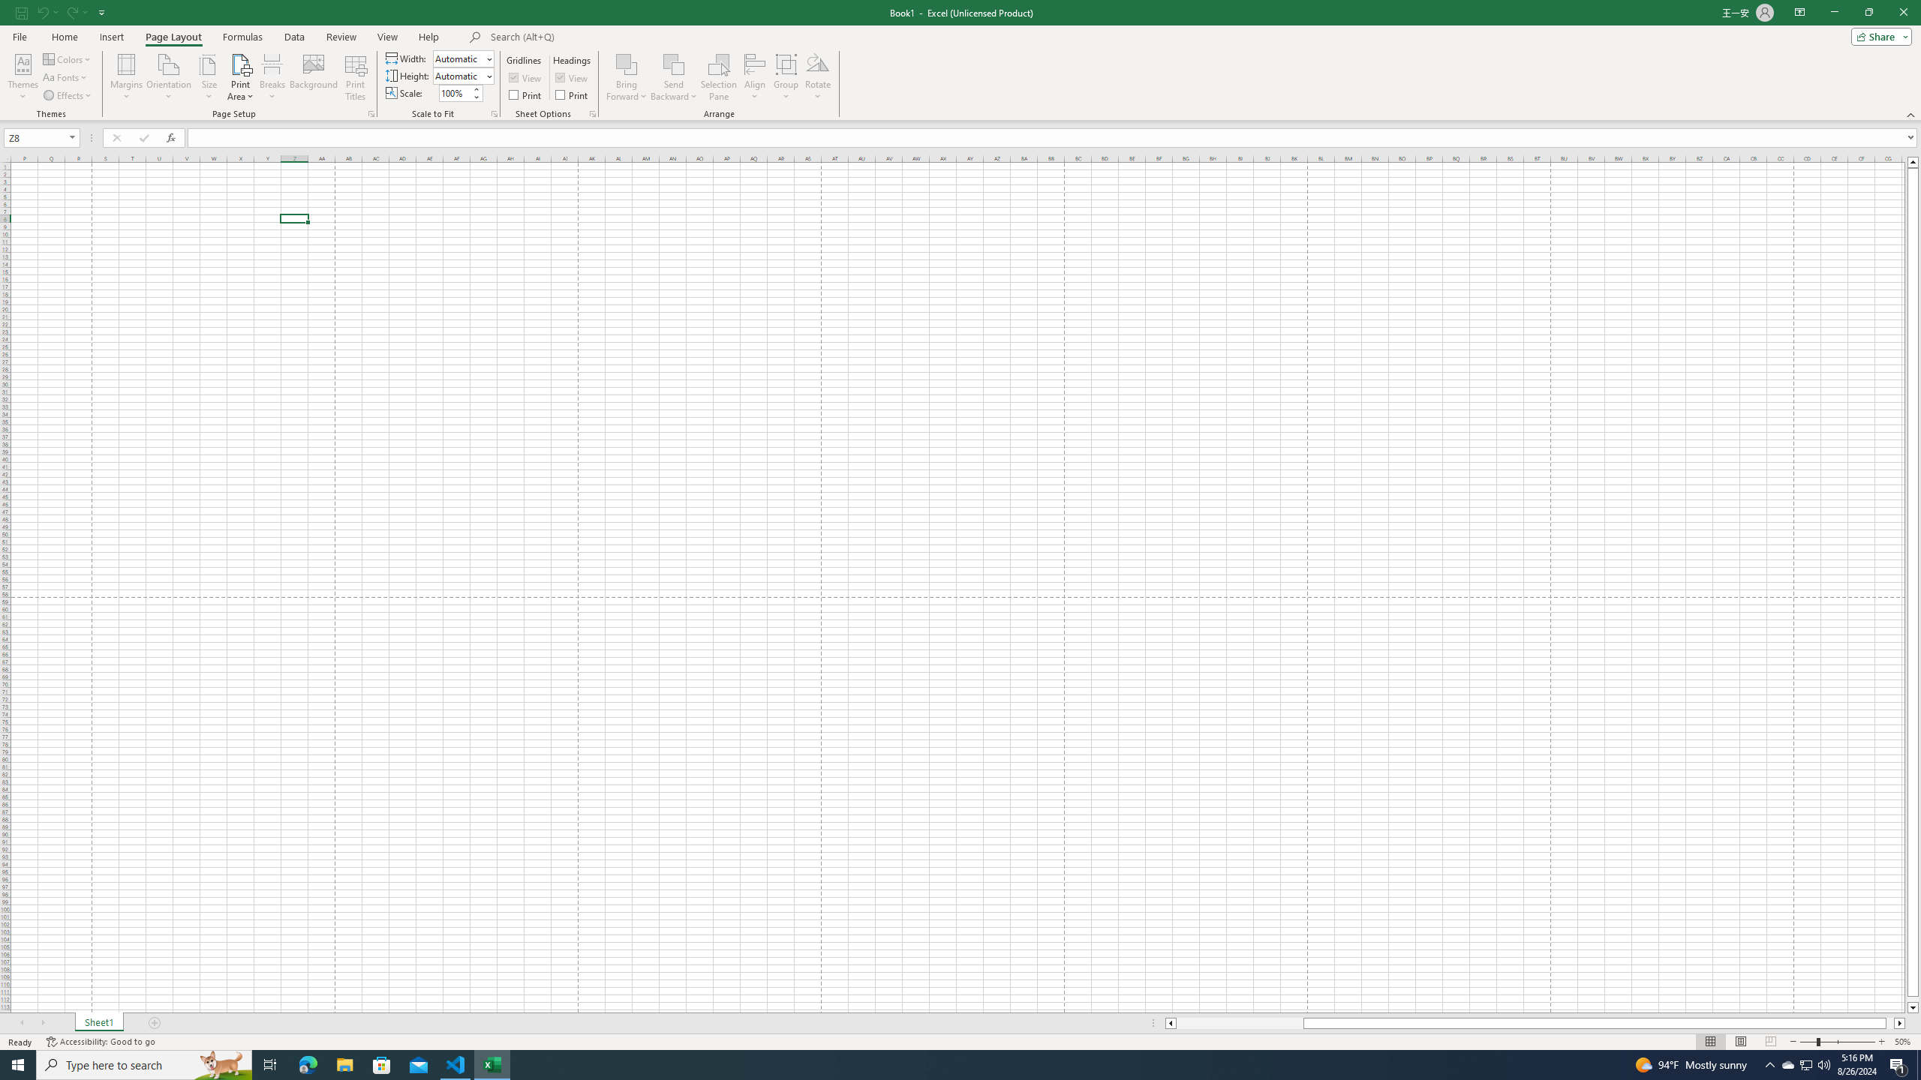 This screenshot has width=1921, height=1080. I want to click on 'Colors', so click(67, 58).